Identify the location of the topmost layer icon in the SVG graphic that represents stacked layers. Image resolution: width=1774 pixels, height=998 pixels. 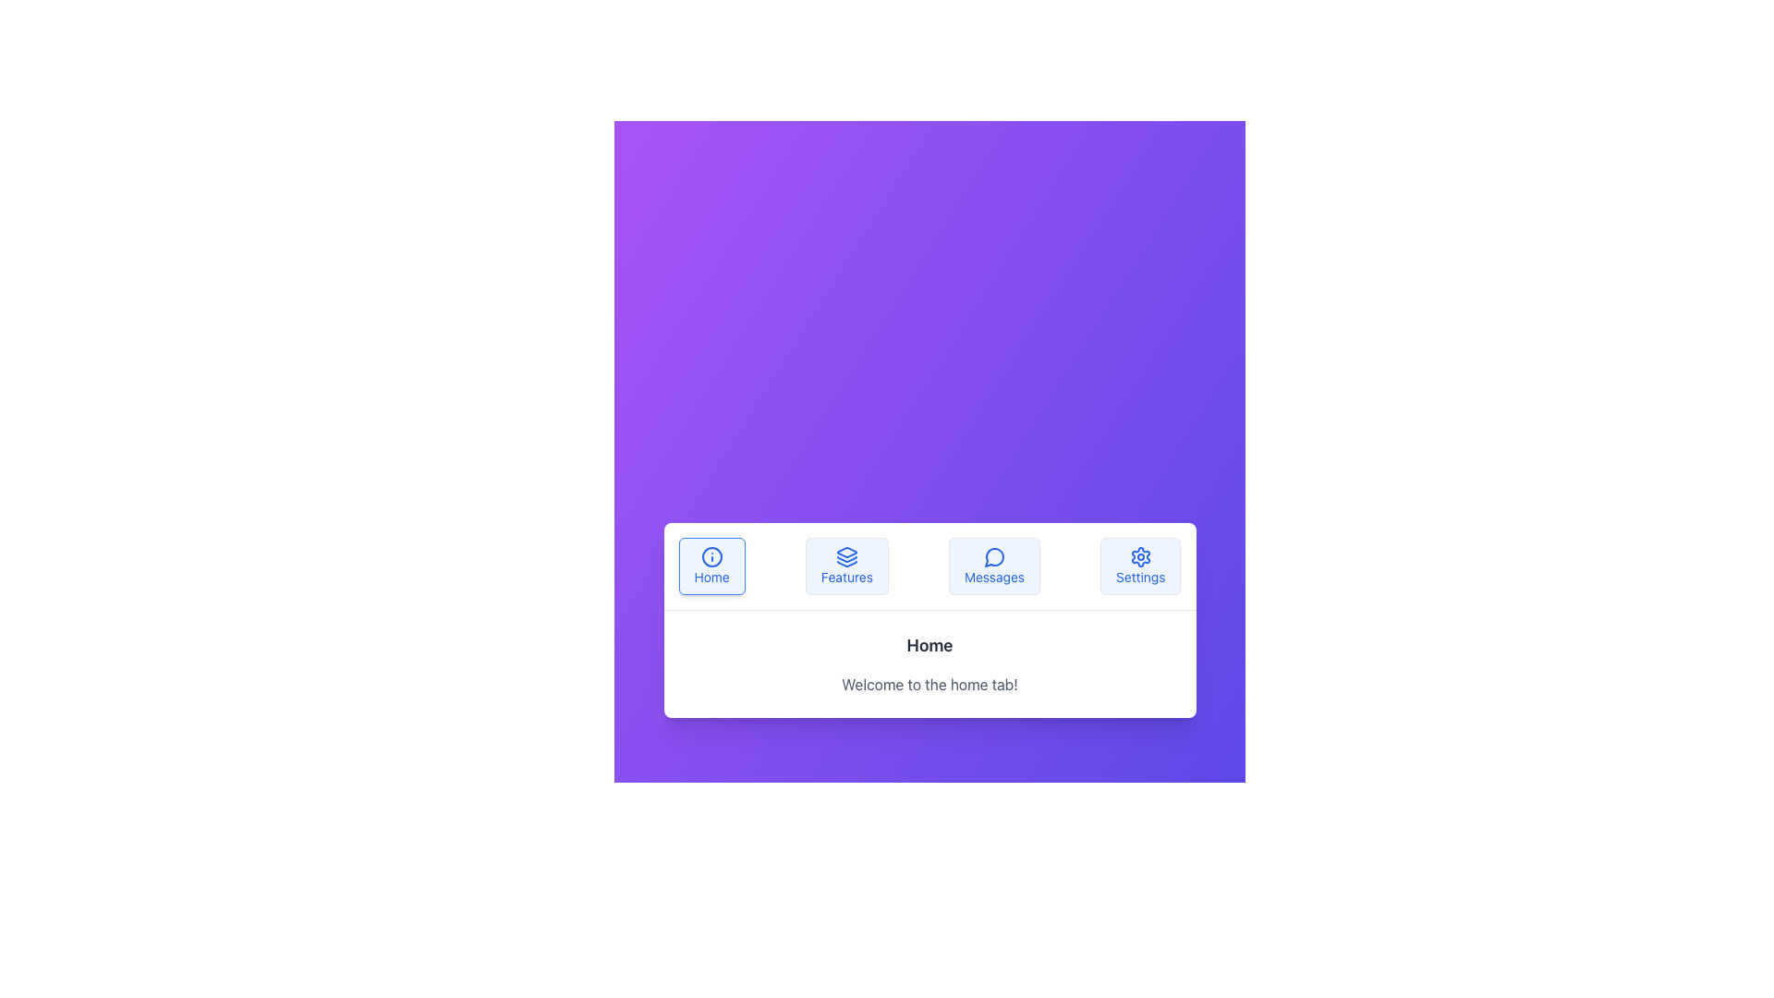
(845, 551).